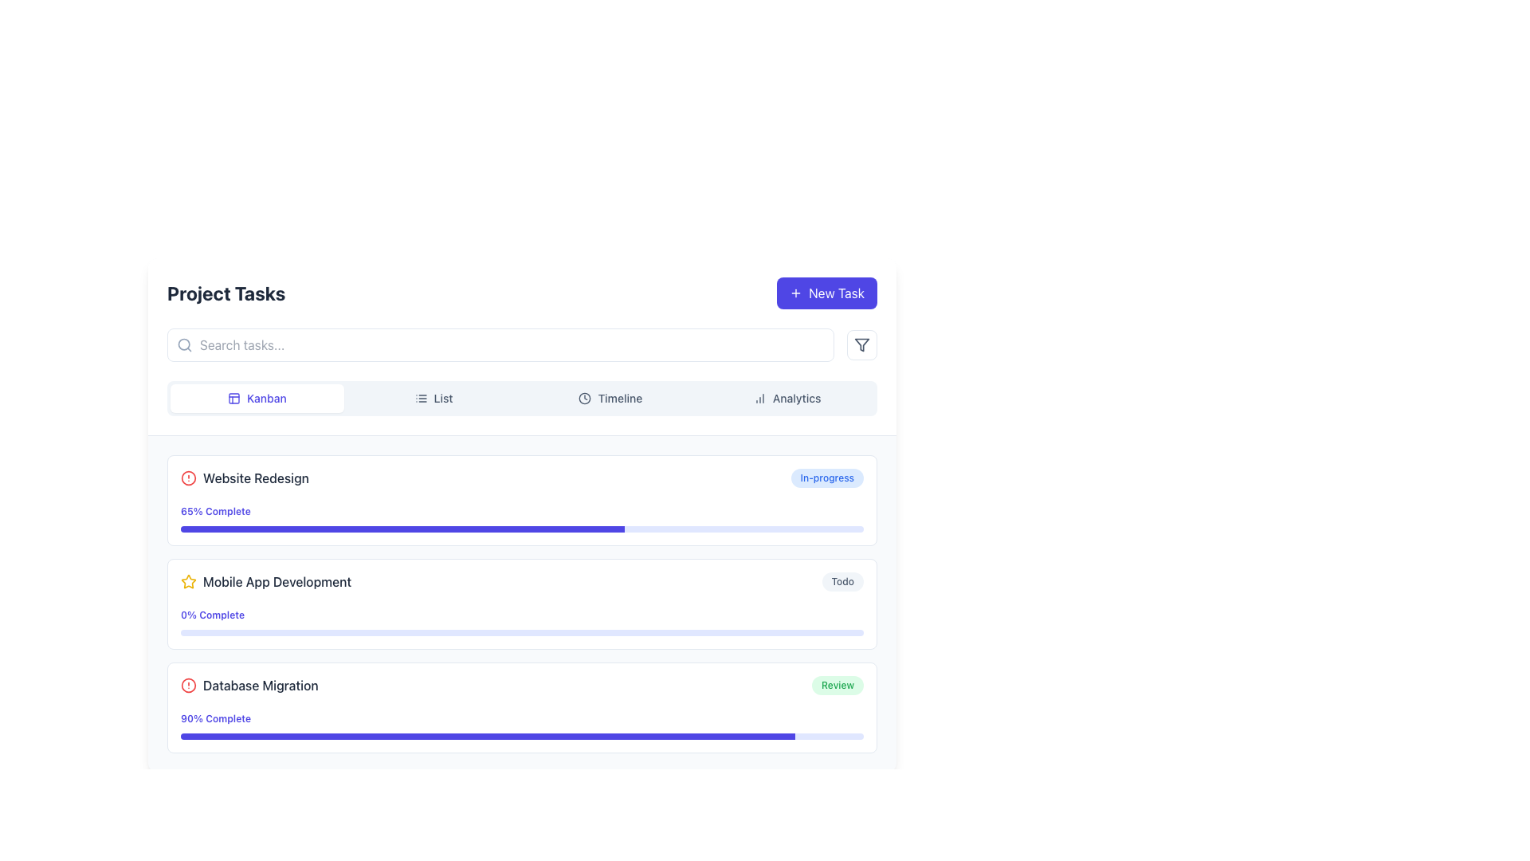  What do you see at coordinates (277, 581) in the screenshot?
I see `the text label that serves as the title for the second task entry in the task list, which is located centrally within the list item and adjacent to a star icon` at bounding box center [277, 581].